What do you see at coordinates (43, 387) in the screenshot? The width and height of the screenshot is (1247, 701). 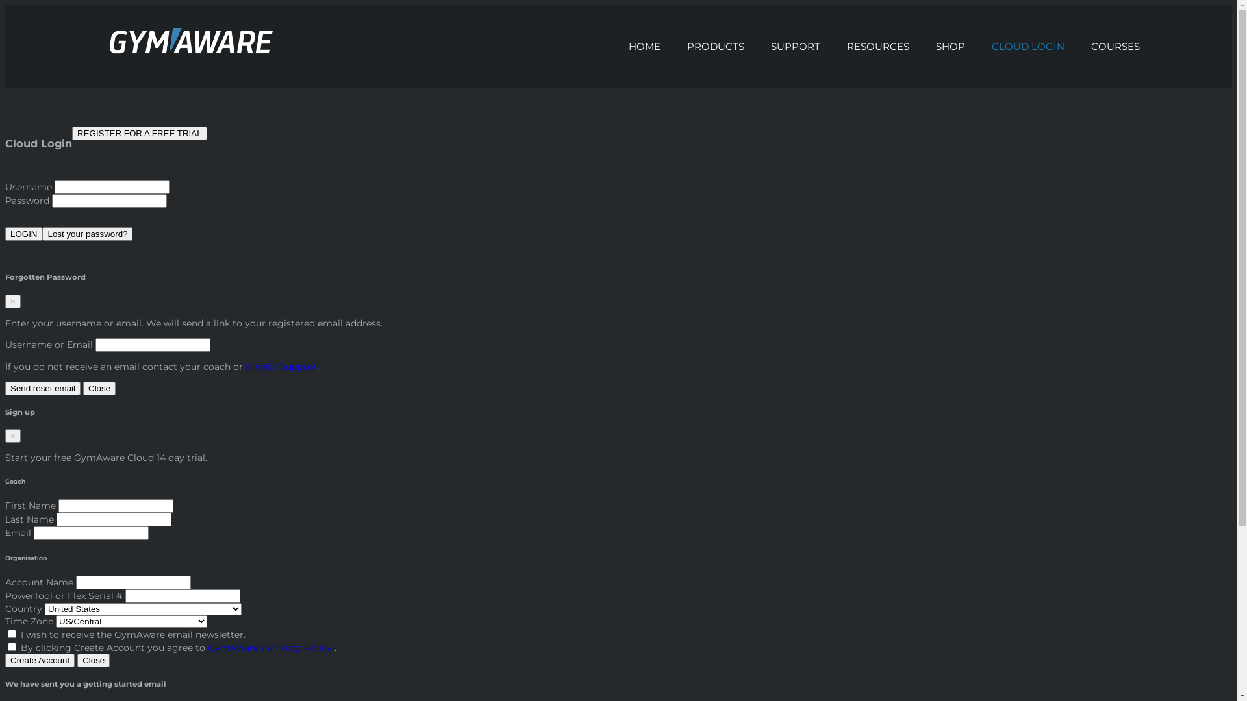 I see `'Send reset email'` at bounding box center [43, 387].